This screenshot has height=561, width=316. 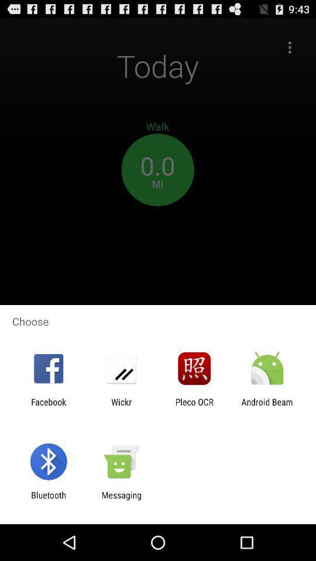 What do you see at coordinates (48, 500) in the screenshot?
I see `bluetooth app` at bounding box center [48, 500].